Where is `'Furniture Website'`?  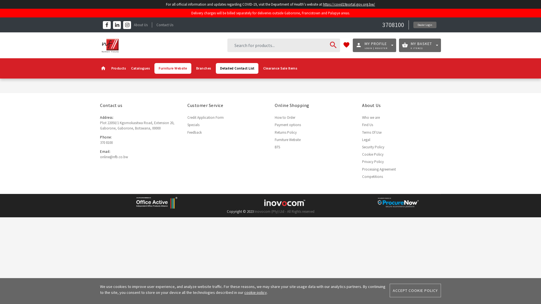 'Furniture Website' is located at coordinates (274, 139).